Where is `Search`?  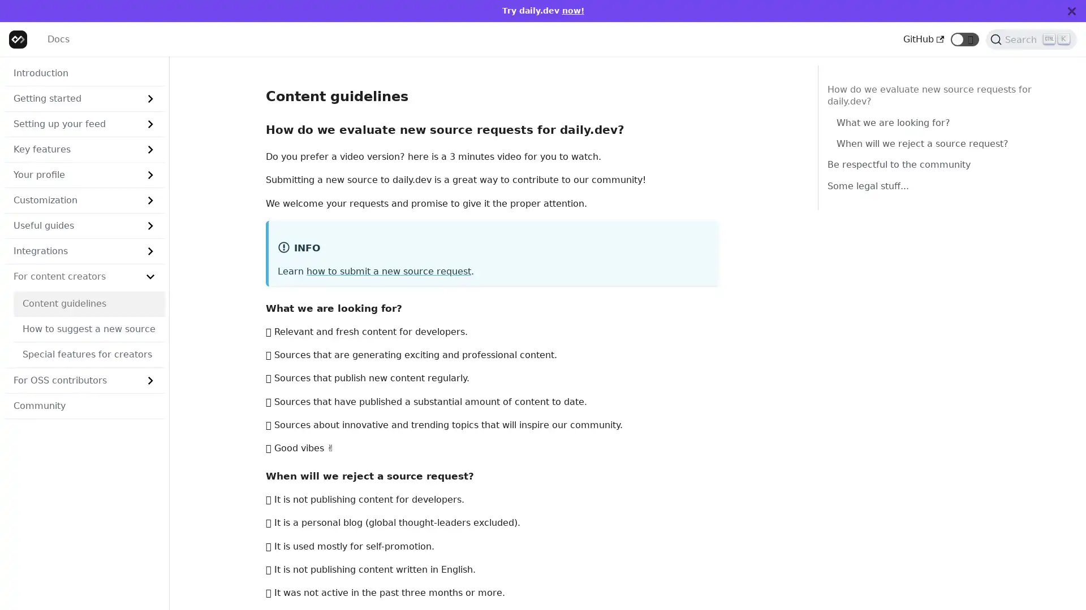
Search is located at coordinates (1031, 38).